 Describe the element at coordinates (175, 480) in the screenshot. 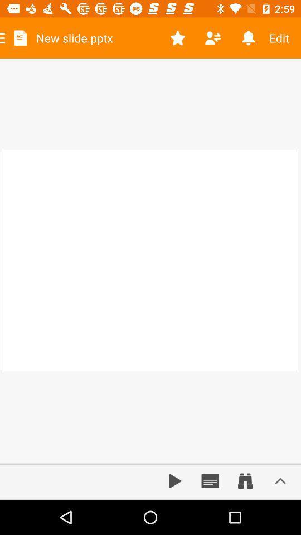

I see `audio` at that location.